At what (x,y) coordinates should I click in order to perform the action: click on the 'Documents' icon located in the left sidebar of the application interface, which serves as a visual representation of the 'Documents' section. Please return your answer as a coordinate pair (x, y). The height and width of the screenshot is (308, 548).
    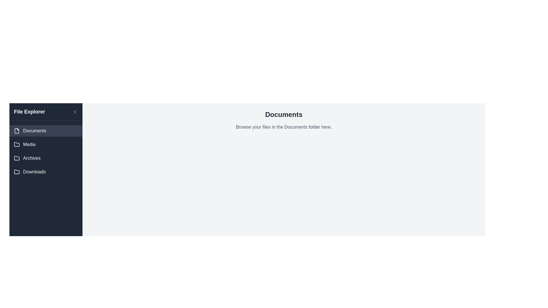
    Looking at the image, I should click on (17, 131).